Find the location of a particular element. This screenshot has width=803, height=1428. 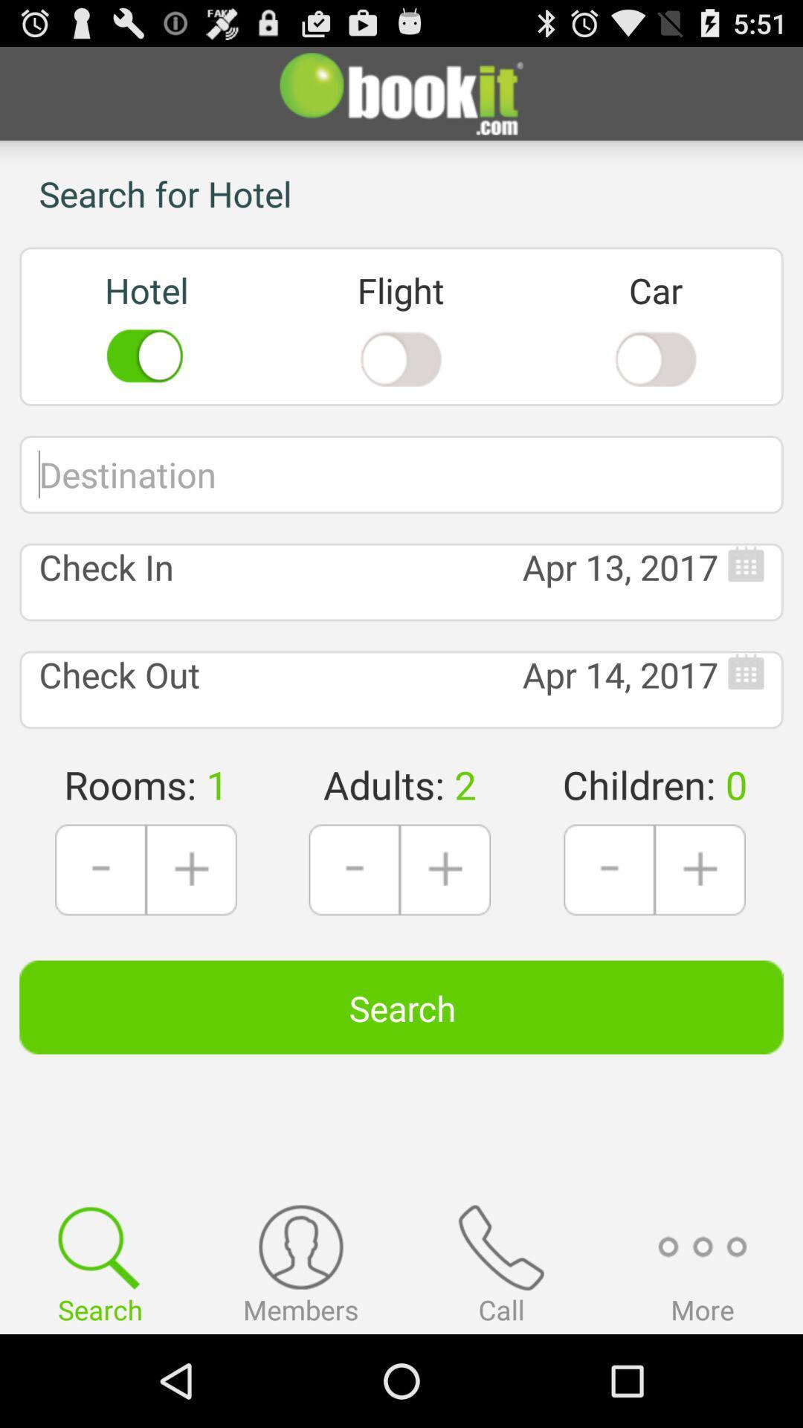

the icon above the search for hotel item is located at coordinates (401, 92).